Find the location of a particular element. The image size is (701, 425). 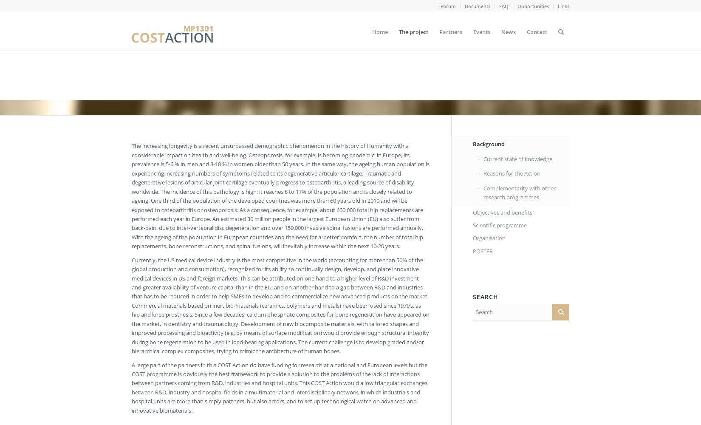

'Objectives and benefits' is located at coordinates (502, 212).